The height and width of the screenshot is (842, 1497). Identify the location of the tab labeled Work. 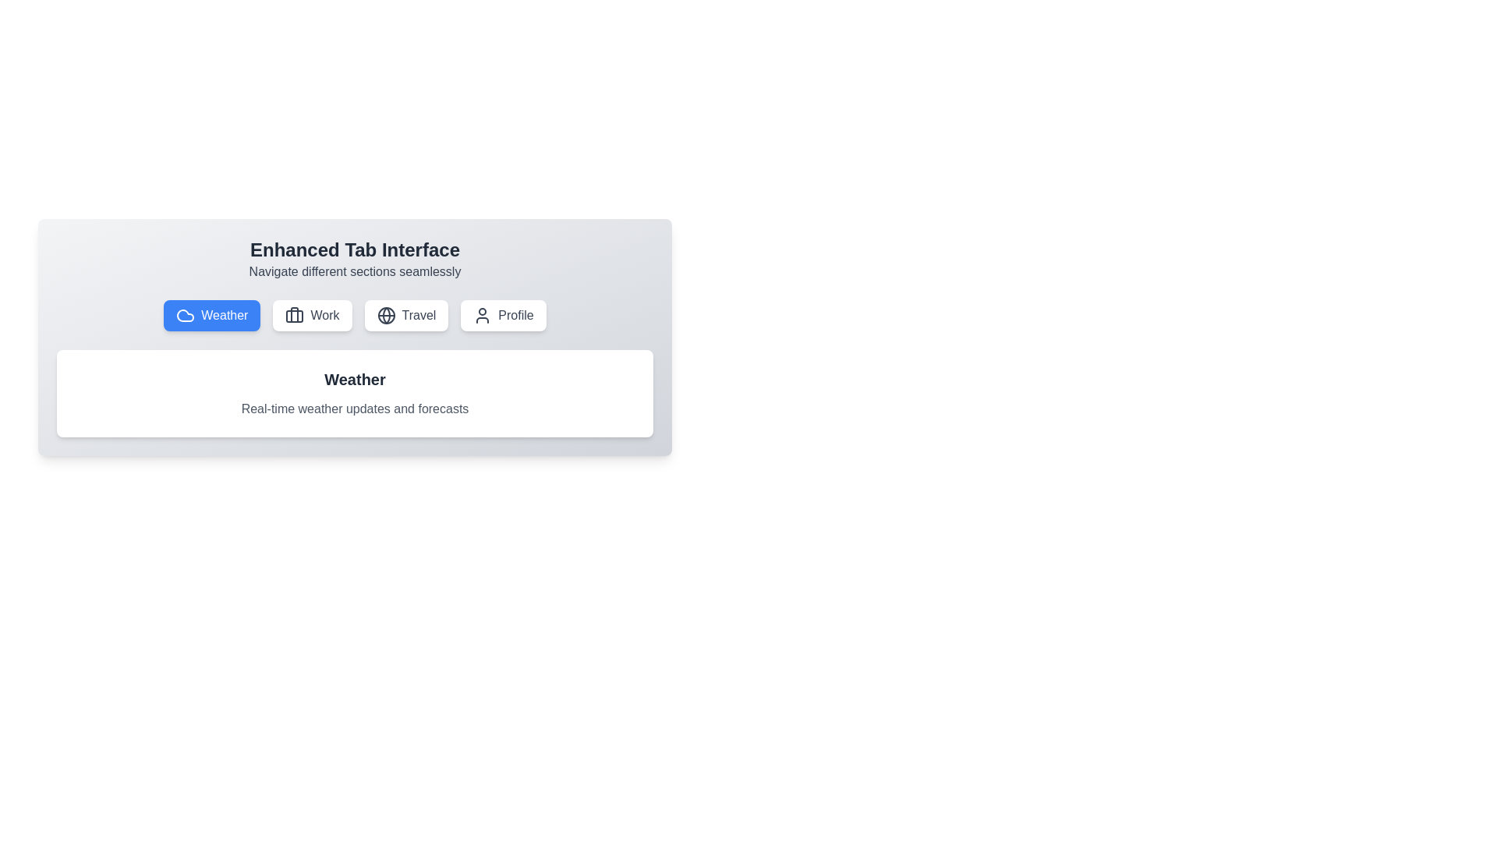
(312, 316).